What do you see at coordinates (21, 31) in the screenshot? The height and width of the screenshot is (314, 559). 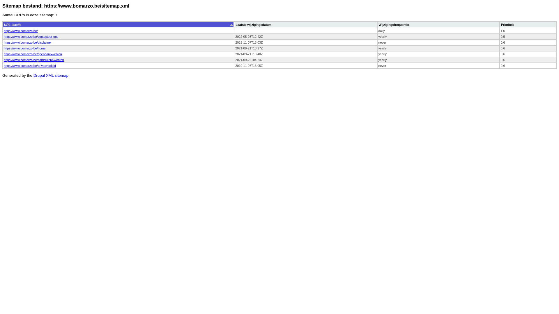 I see `'https://www.bomarzo.be/'` at bounding box center [21, 31].